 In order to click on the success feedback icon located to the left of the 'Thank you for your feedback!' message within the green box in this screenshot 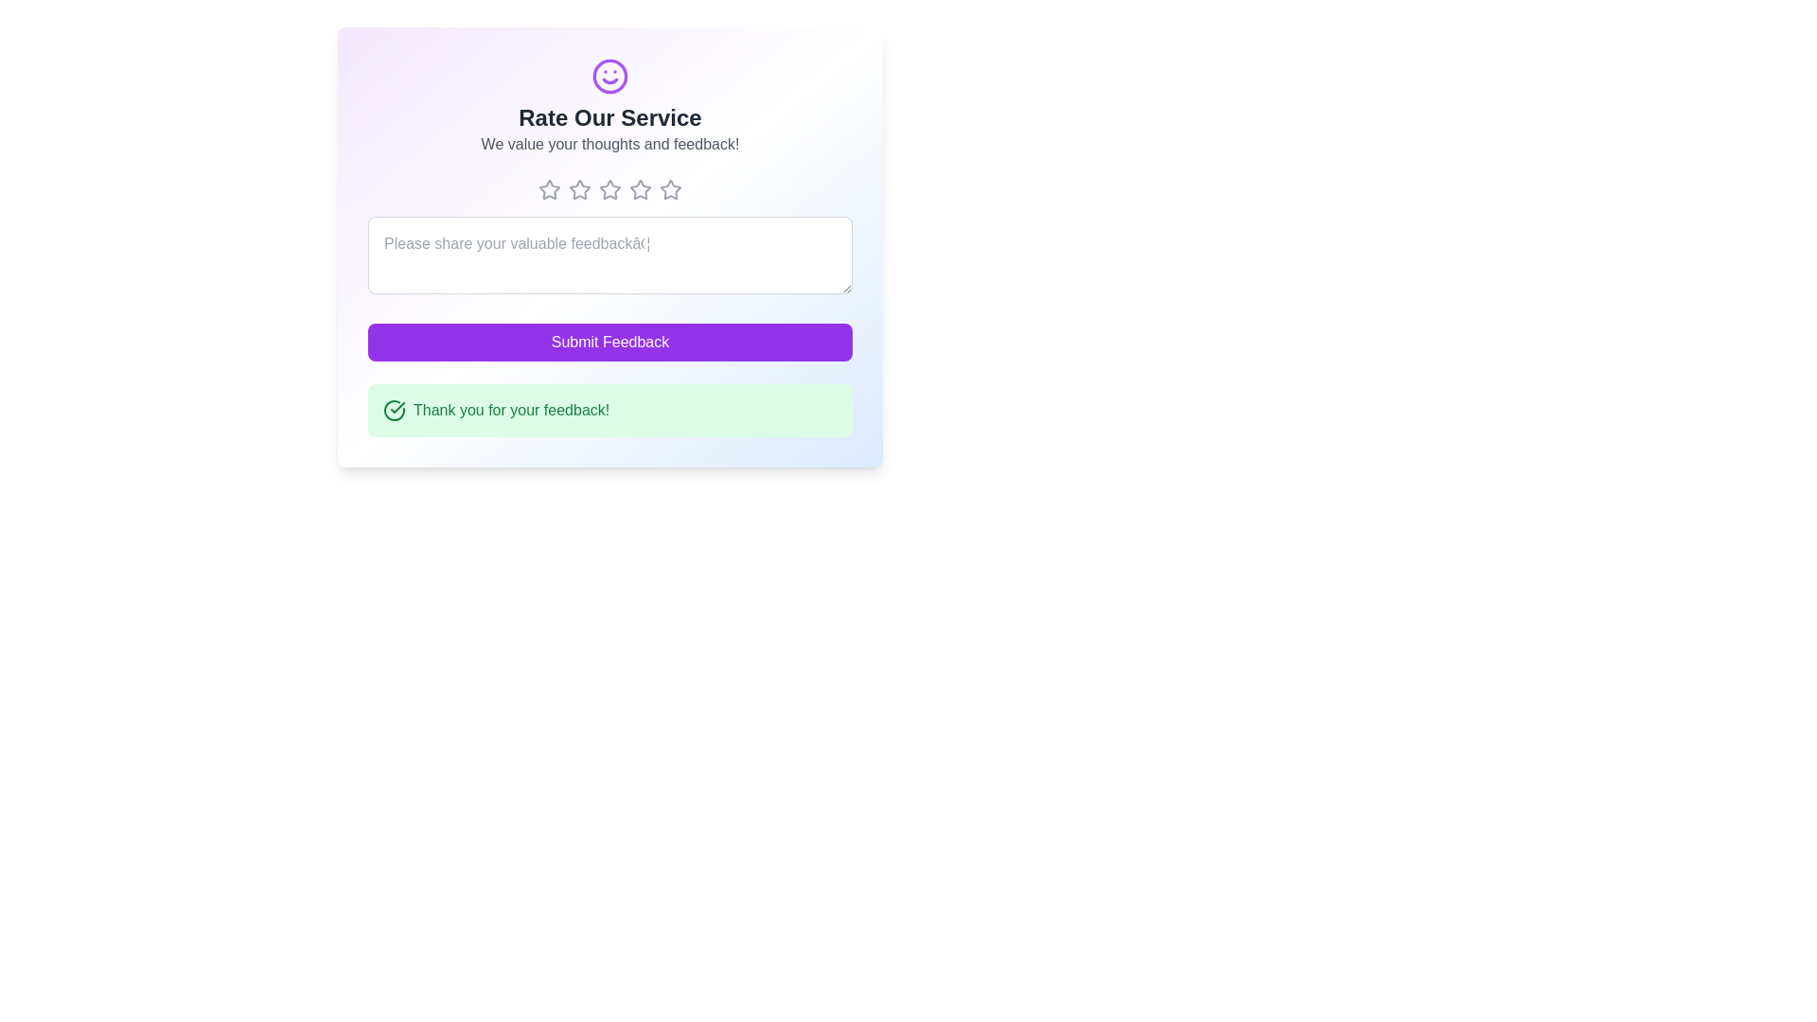, I will do `click(394, 410)`.